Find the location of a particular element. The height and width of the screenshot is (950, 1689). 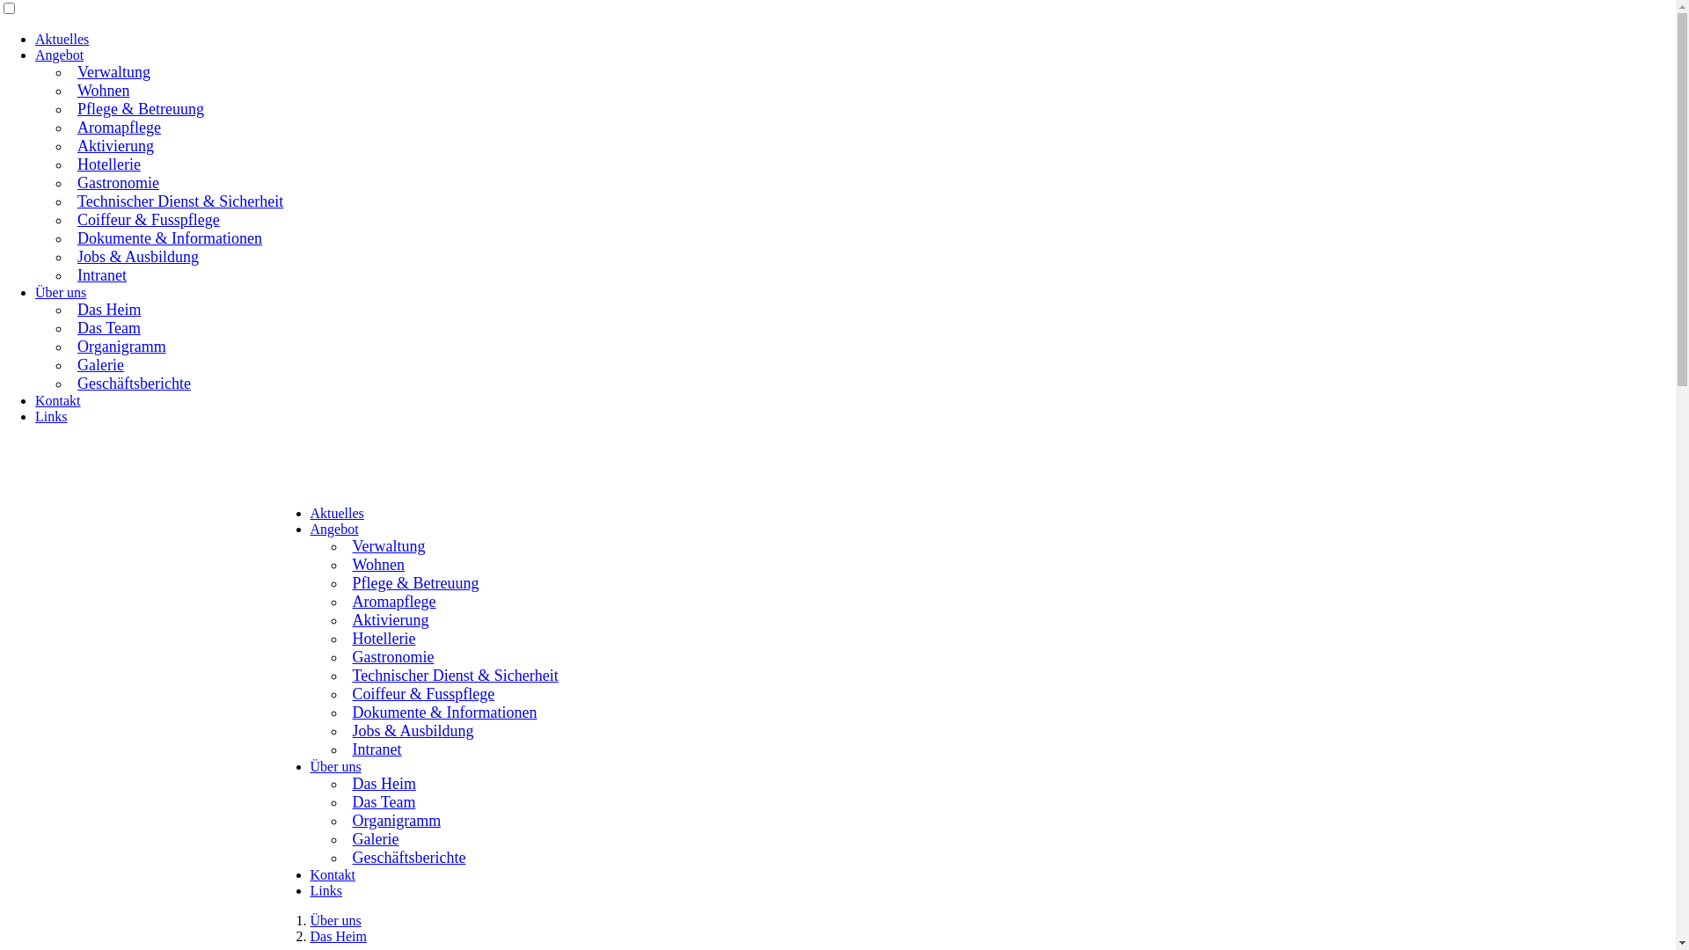

'Intranet' is located at coordinates (374, 747).